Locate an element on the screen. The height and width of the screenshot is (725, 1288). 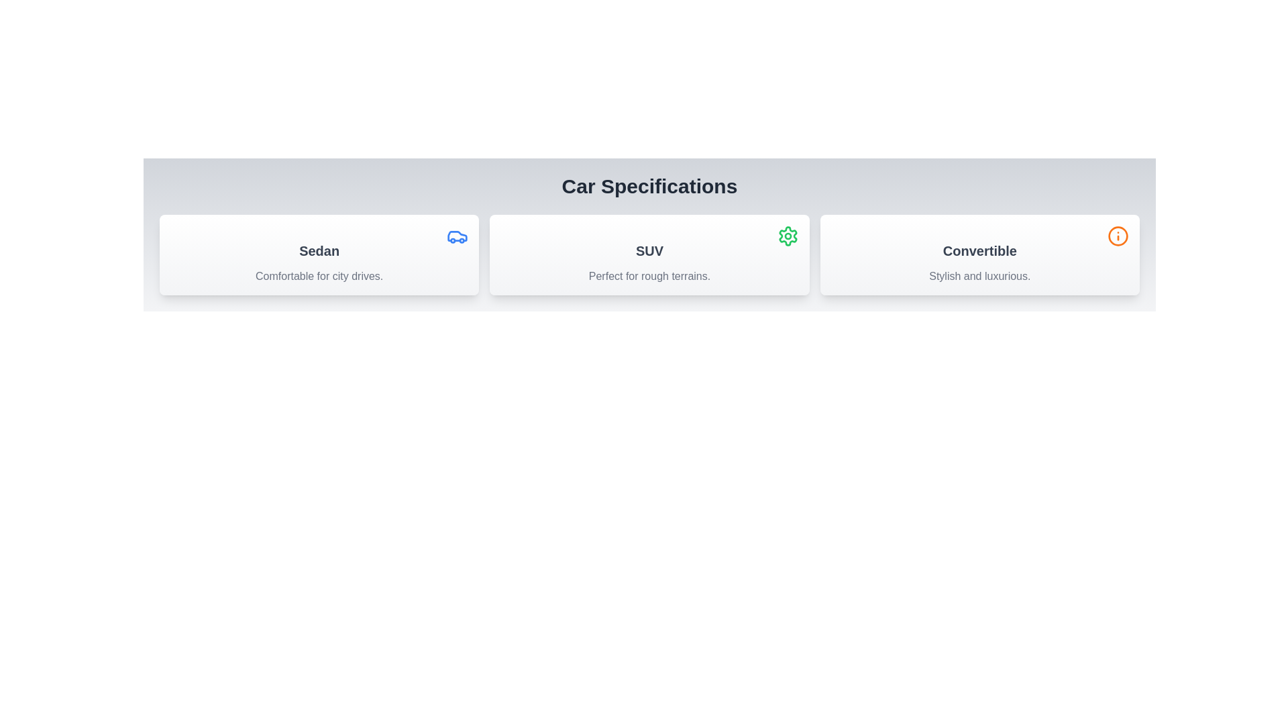
the 'Sedan' car type icon located at the top-right corner of the first card in a three-column layout is located at coordinates (458, 235).